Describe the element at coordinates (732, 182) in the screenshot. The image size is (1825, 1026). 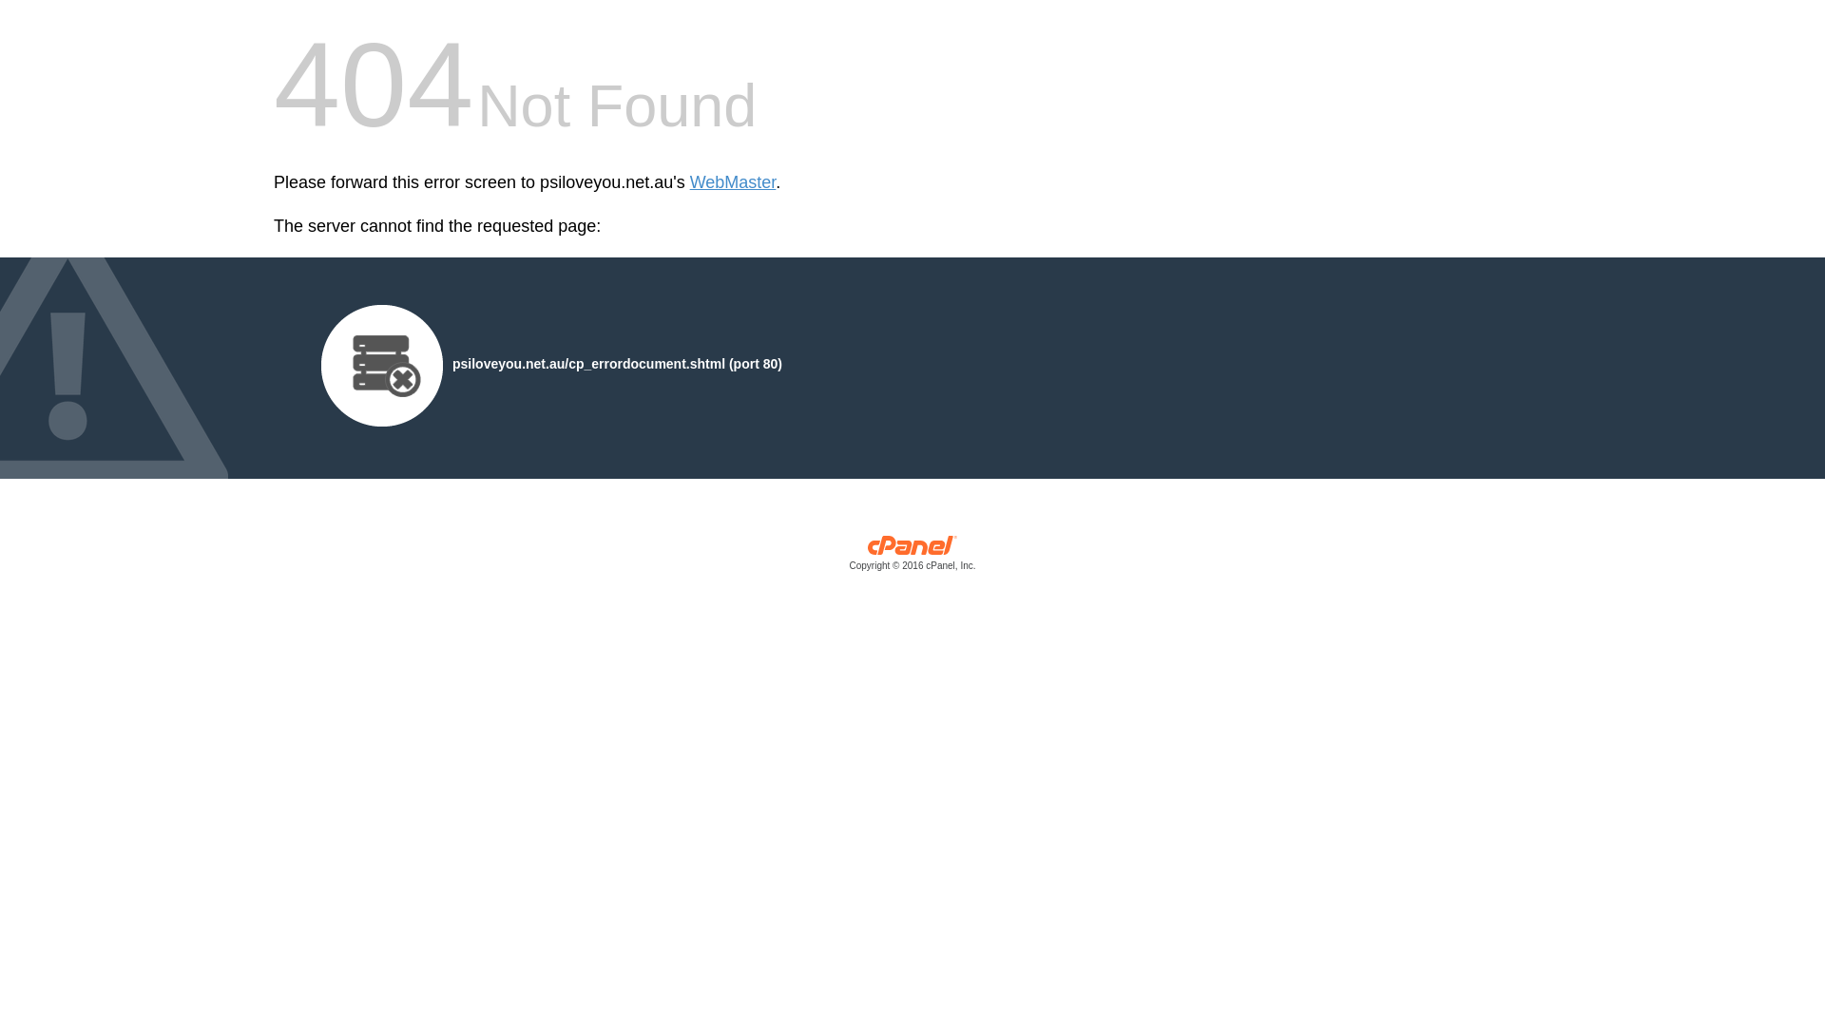
I see `'WebMaster'` at that location.